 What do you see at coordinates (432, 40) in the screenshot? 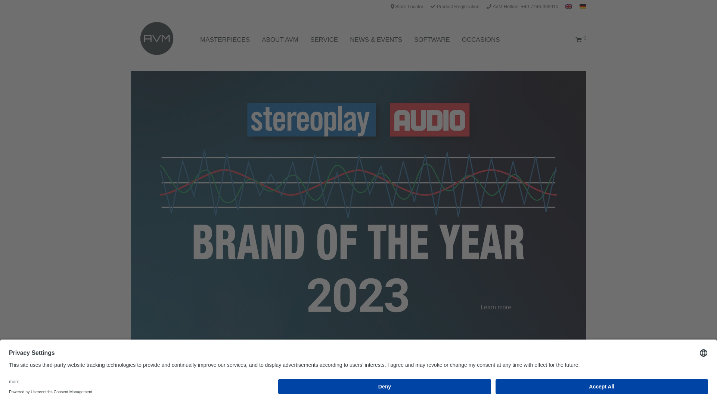
I see `'SOFTWARE'` at bounding box center [432, 40].